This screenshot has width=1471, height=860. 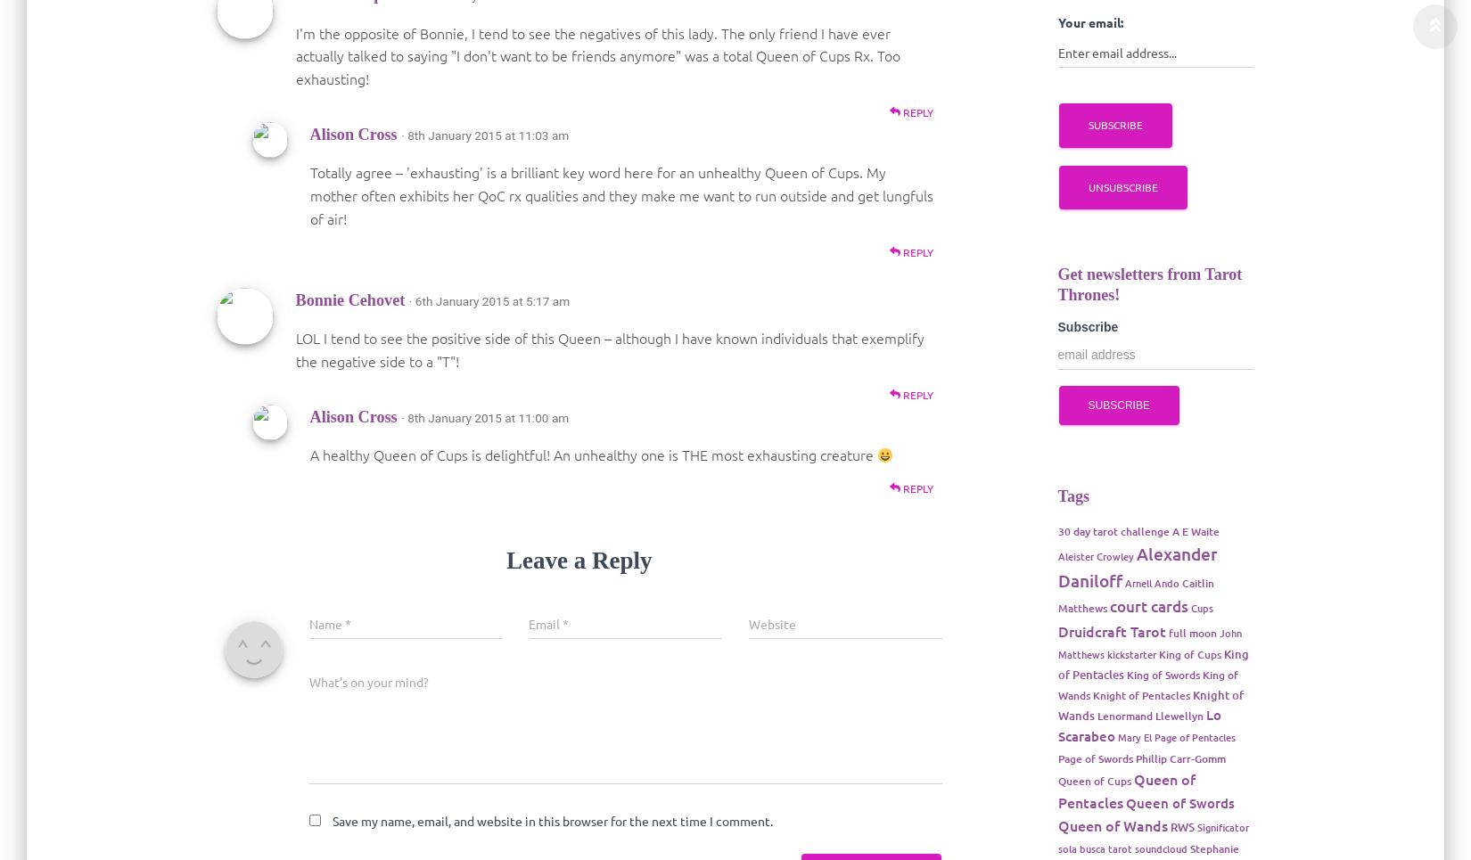 What do you see at coordinates (1125, 789) in the screenshot?
I see `'Queen of Pentacles'` at bounding box center [1125, 789].